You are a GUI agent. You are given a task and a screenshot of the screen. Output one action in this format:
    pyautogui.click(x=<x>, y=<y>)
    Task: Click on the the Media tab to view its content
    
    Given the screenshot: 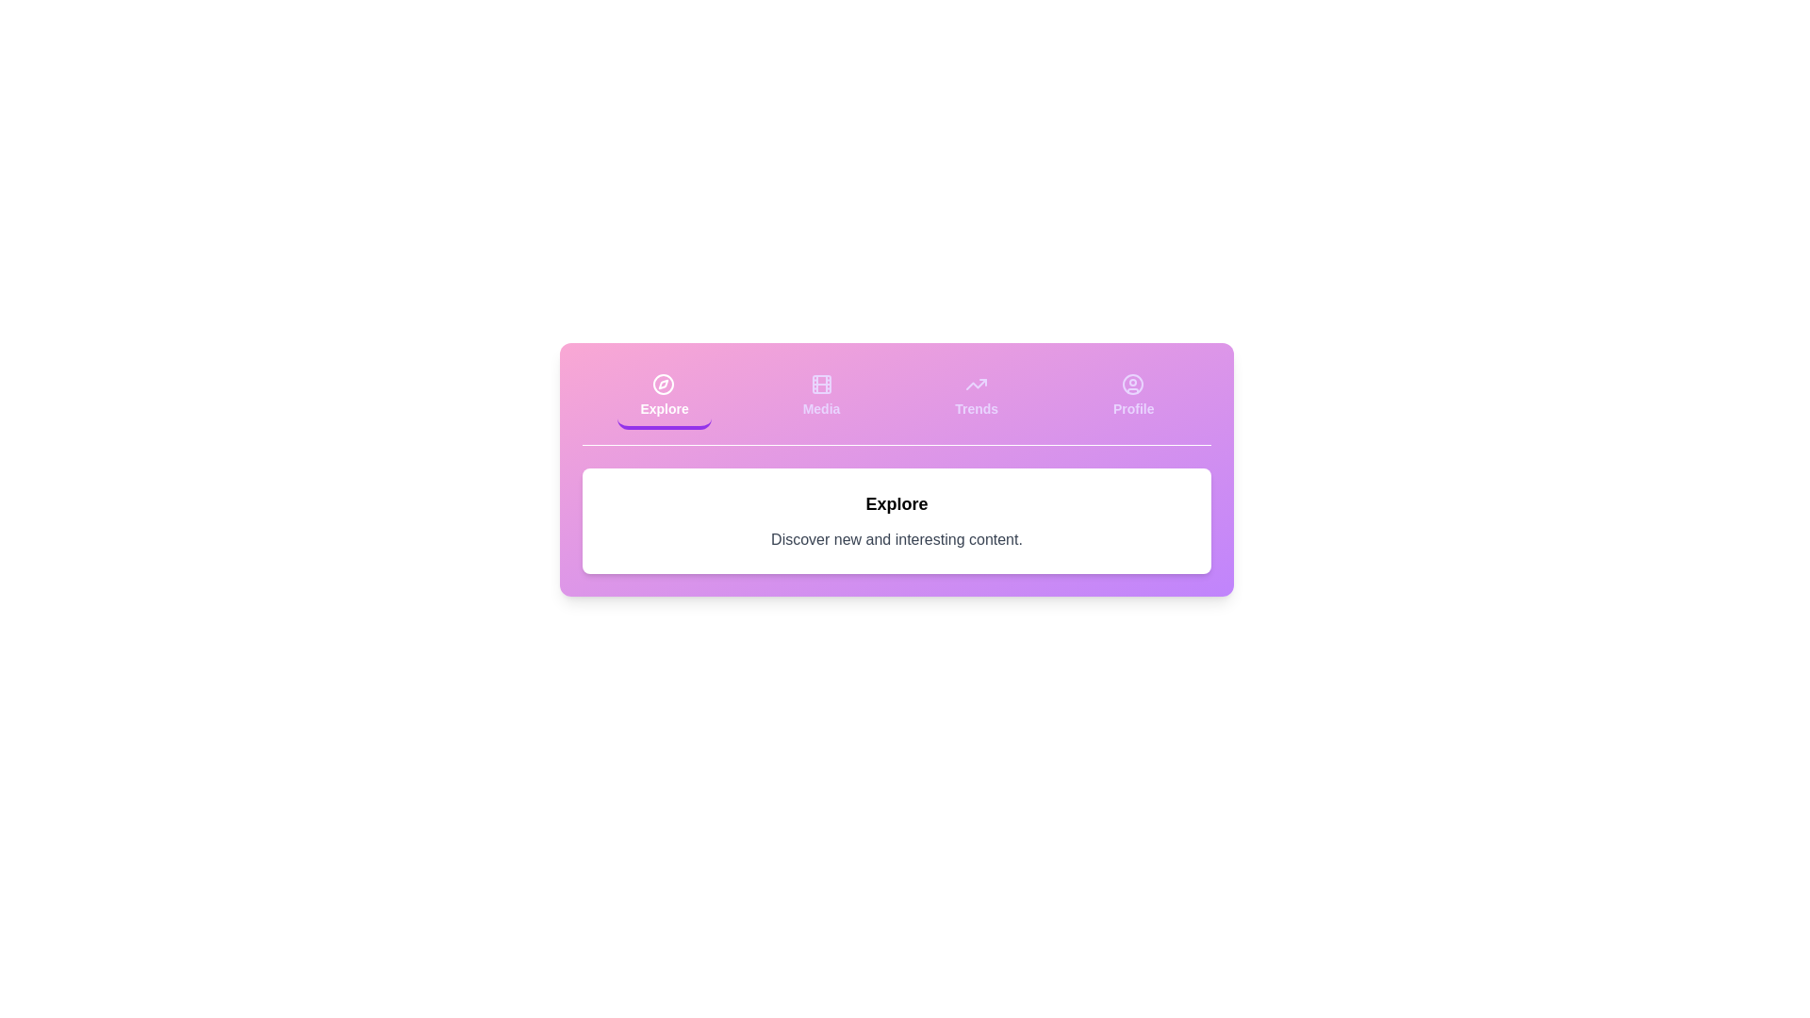 What is the action you would take?
    pyautogui.click(x=822, y=396)
    